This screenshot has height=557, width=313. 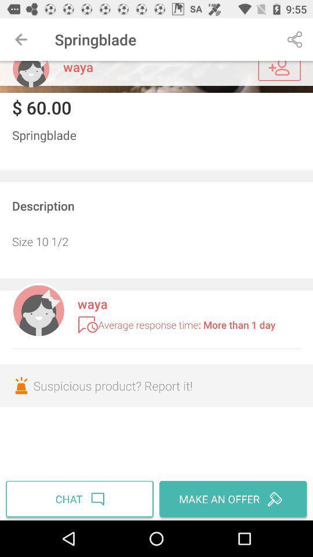 I want to click on the icon to the left of make an offer item, so click(x=81, y=498).